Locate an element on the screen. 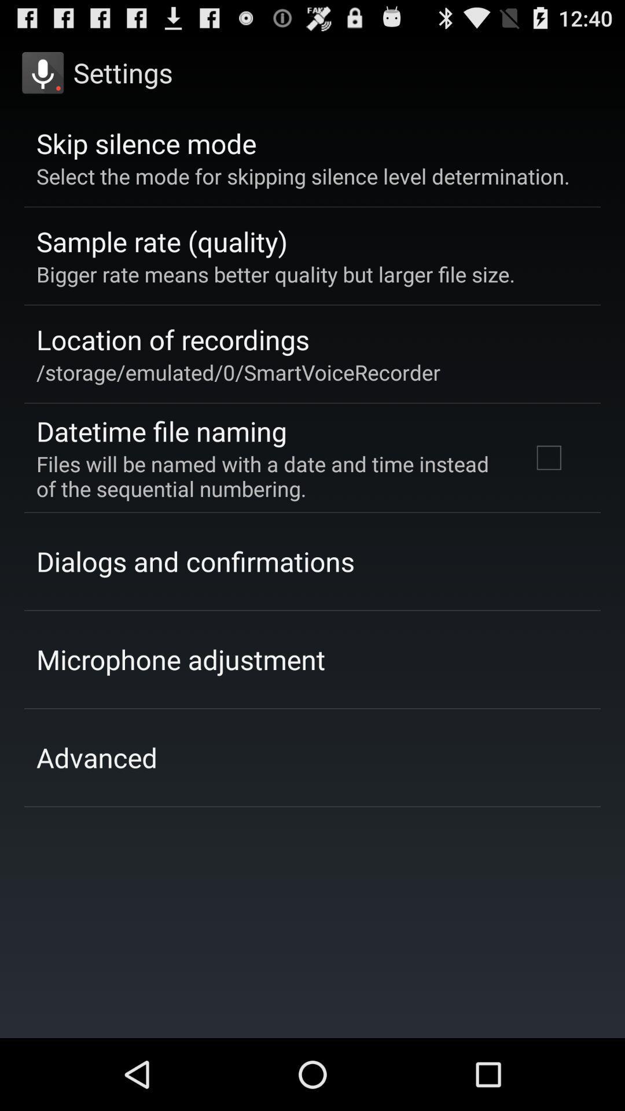 This screenshot has width=625, height=1111. the app below sample rate (quality) is located at coordinates (275, 274).